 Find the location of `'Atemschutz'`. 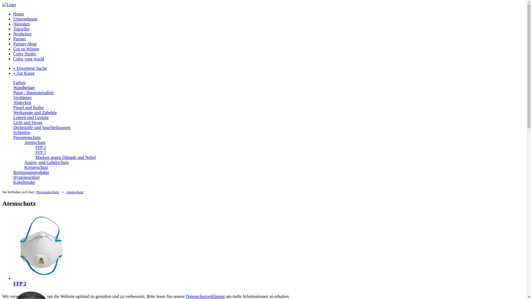

'Atemschutz' is located at coordinates (34, 142).